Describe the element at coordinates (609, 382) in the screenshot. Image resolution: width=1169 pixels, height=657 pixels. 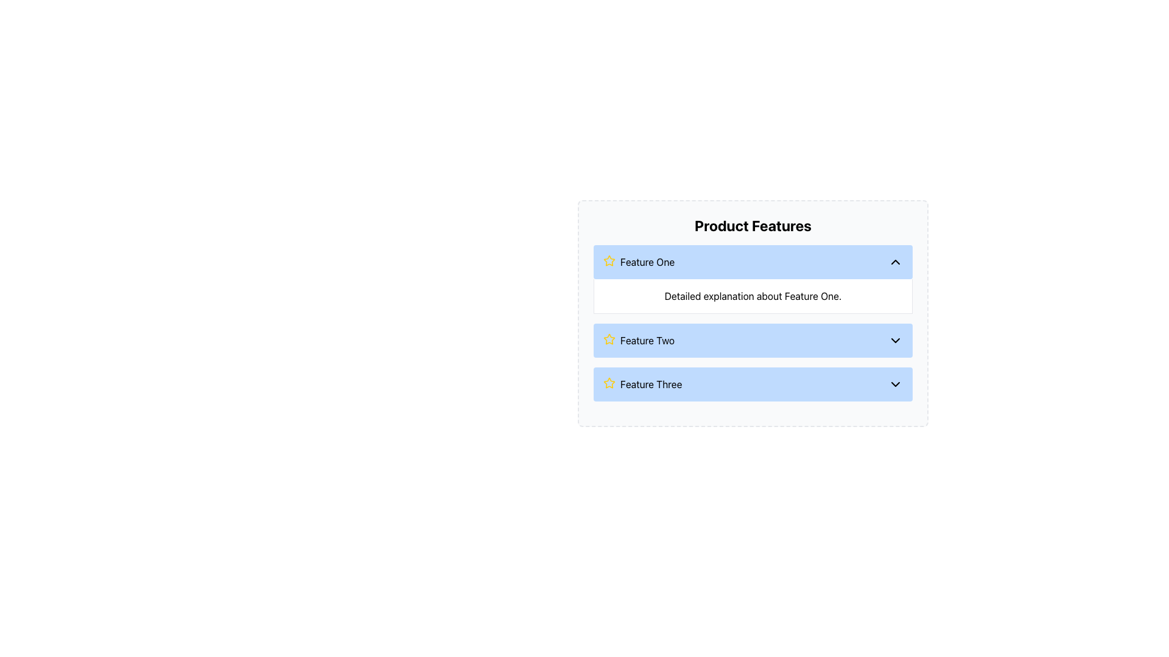
I see `the decorative icon indicating 'Feature Three' in the third section of the 'Product Features' list` at that location.